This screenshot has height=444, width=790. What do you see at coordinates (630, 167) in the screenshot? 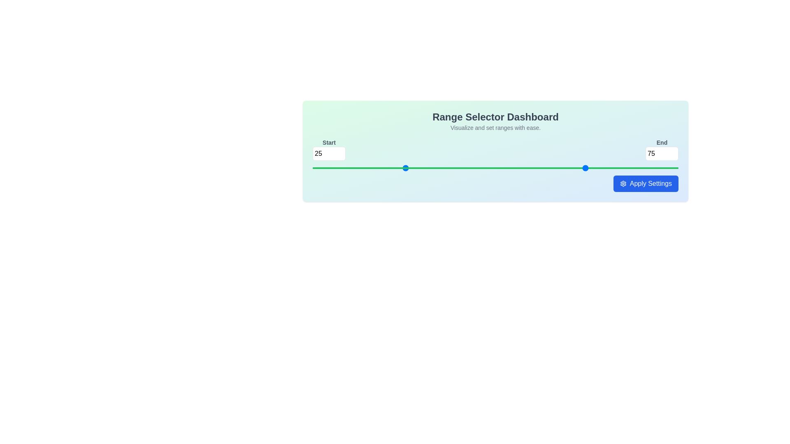
I see `the slider` at bounding box center [630, 167].